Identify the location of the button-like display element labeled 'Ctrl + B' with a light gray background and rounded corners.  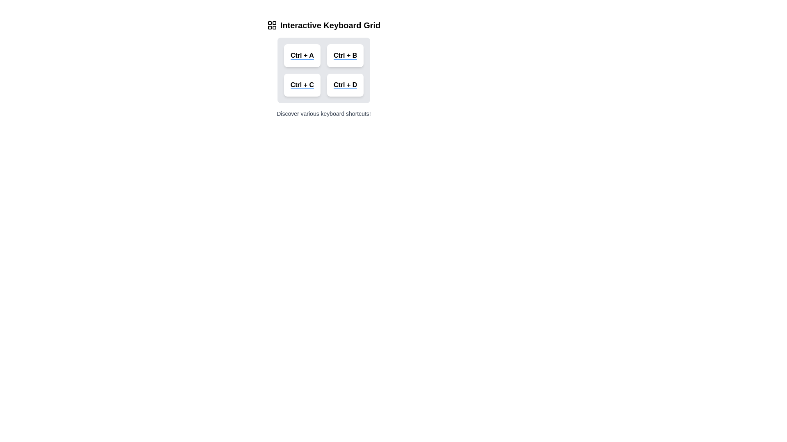
(345, 55).